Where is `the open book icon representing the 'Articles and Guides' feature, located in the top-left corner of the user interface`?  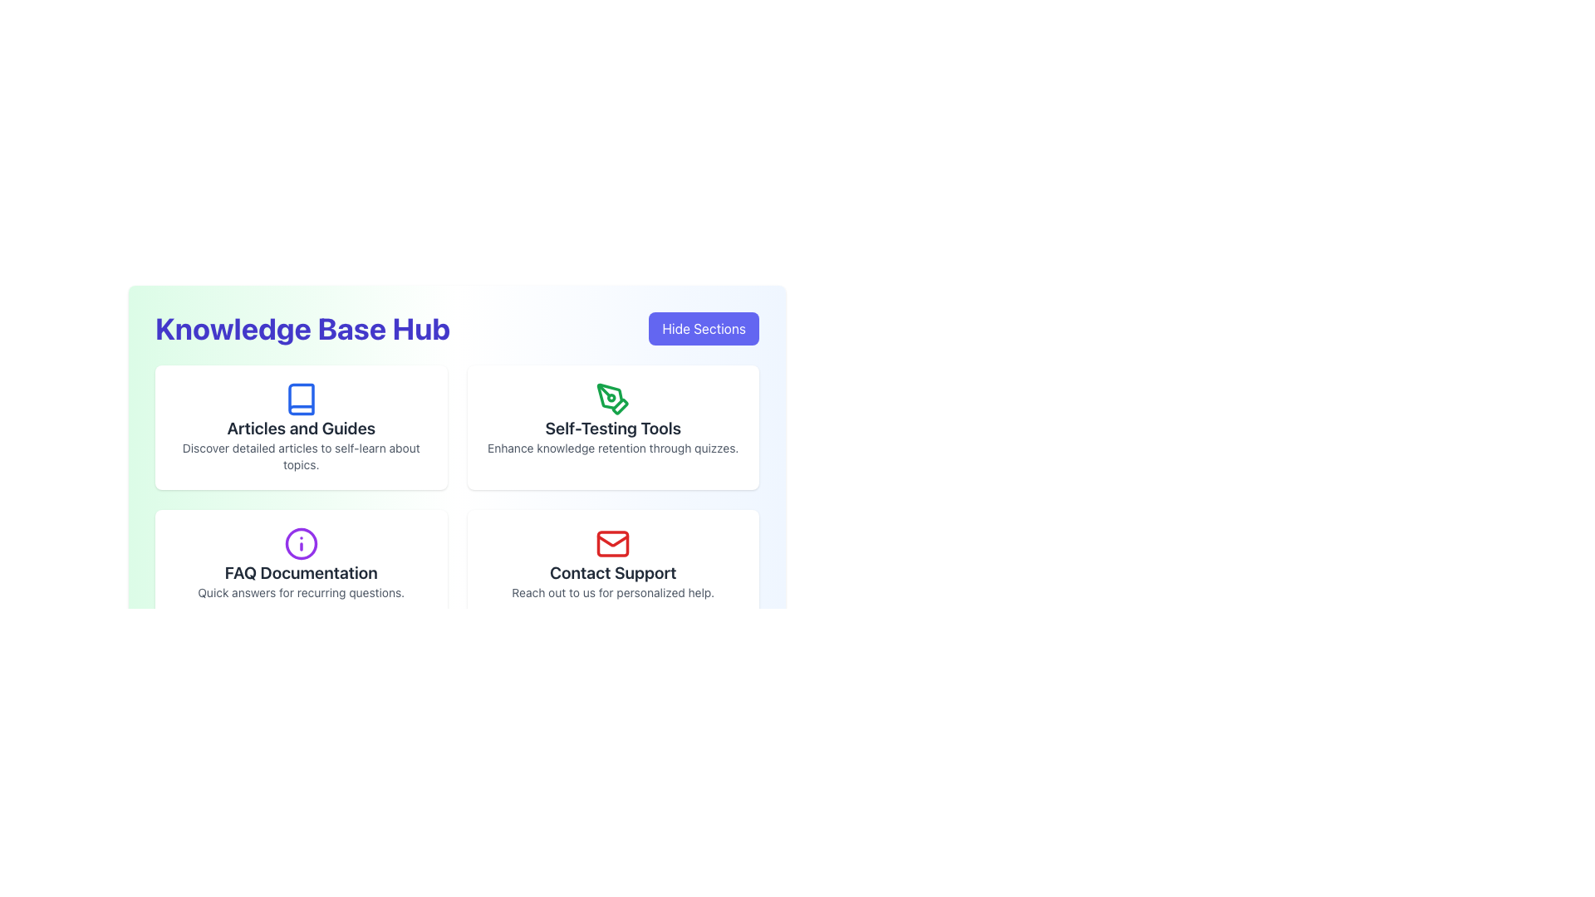
the open book icon representing the 'Articles and Guides' feature, located in the top-left corner of the user interface is located at coordinates (301, 399).